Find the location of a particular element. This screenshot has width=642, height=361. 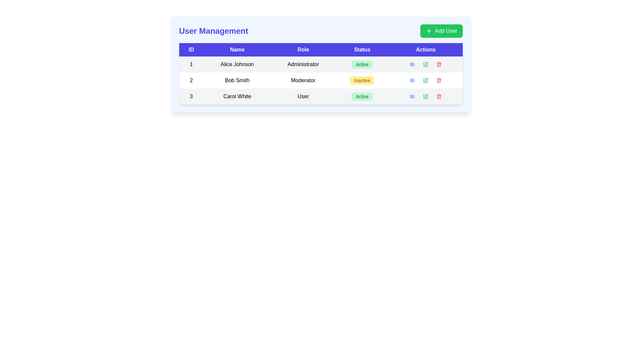

the SVG icon shaped like a pen tip in the 'Actions' column corresponding to the 'Moderator' user is located at coordinates (426, 64).